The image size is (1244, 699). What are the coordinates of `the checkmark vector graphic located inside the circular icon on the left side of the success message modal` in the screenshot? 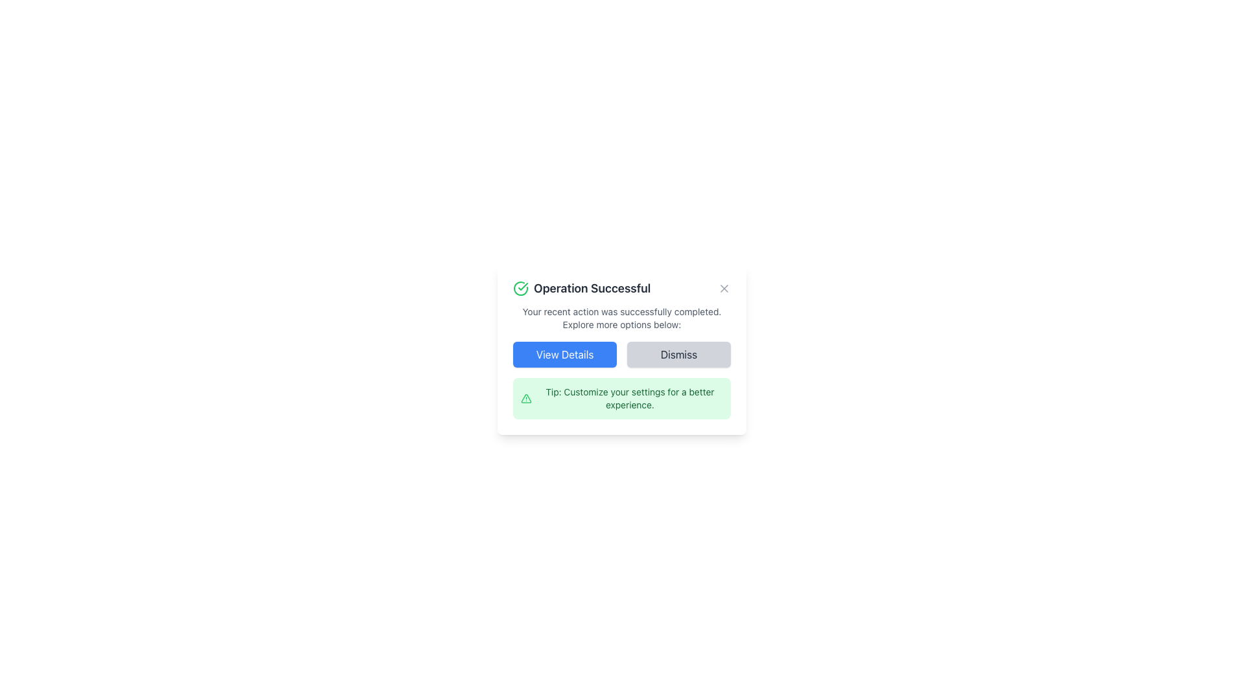 It's located at (523, 286).